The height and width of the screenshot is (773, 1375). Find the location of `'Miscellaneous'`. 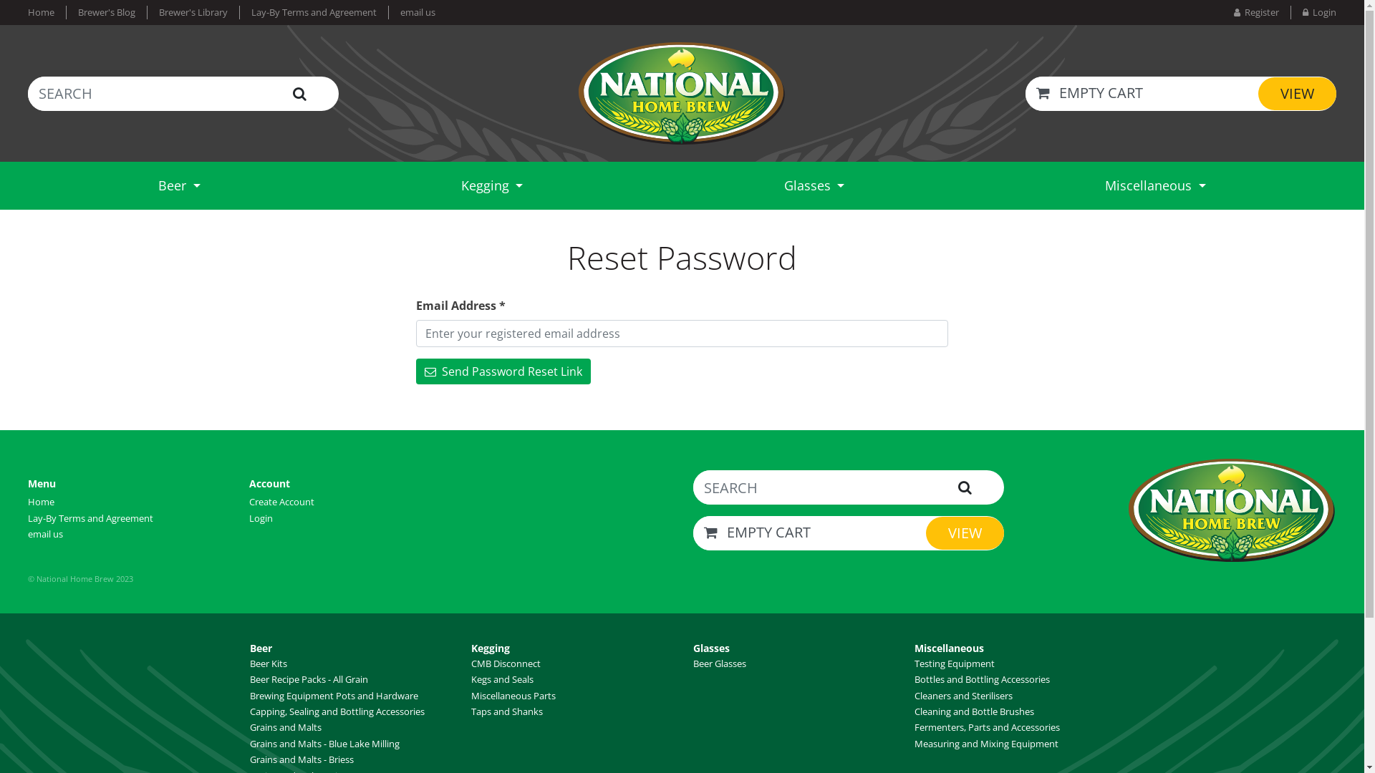

'Miscellaneous' is located at coordinates (949, 648).